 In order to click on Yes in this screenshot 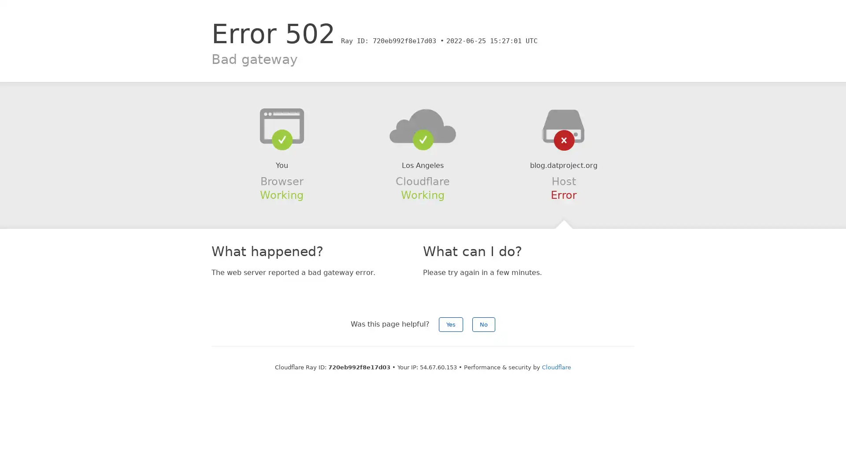, I will do `click(451, 324)`.